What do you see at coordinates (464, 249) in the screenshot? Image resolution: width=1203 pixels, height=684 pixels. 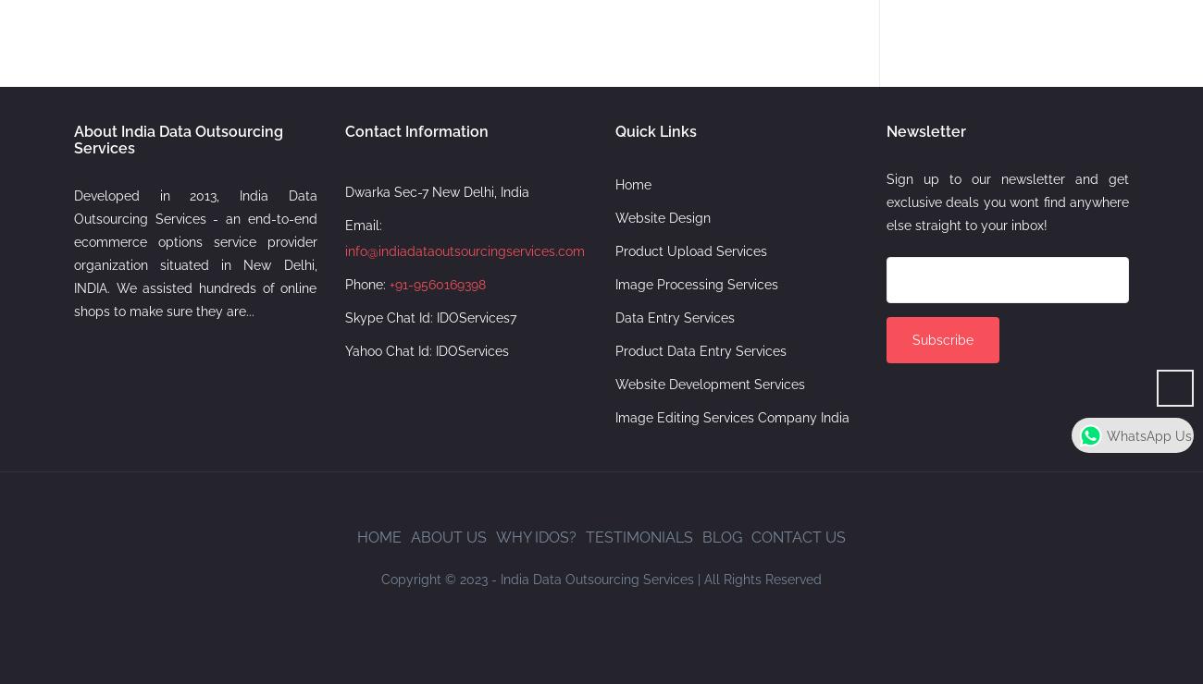 I see `'info@indiadataoutsourcingservices.com'` at bounding box center [464, 249].